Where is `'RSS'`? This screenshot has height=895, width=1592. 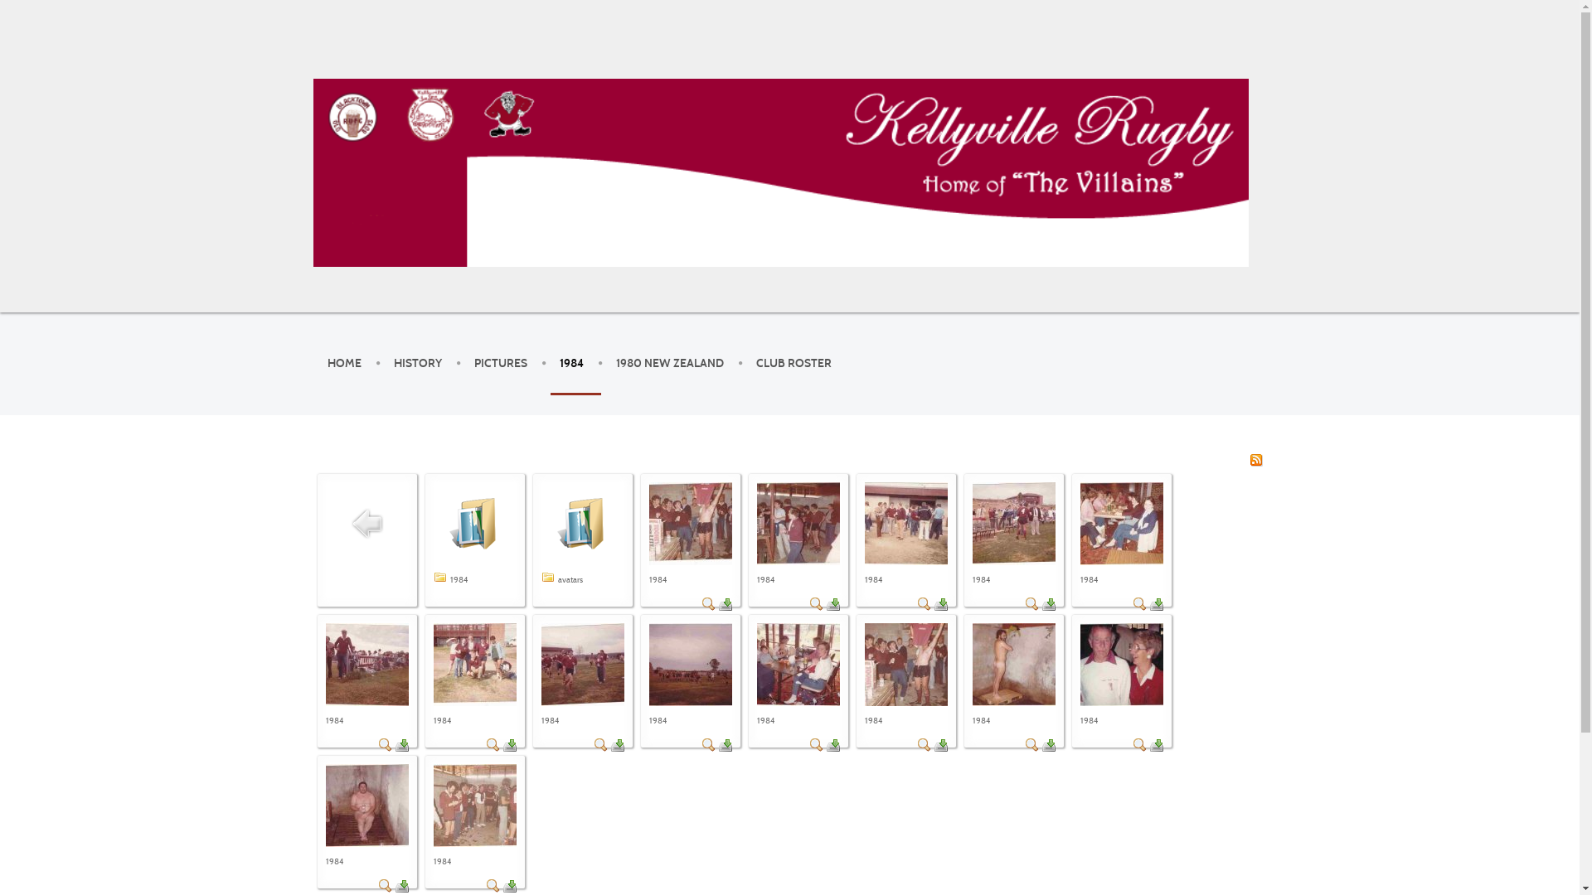
'RSS' is located at coordinates (1255, 458).